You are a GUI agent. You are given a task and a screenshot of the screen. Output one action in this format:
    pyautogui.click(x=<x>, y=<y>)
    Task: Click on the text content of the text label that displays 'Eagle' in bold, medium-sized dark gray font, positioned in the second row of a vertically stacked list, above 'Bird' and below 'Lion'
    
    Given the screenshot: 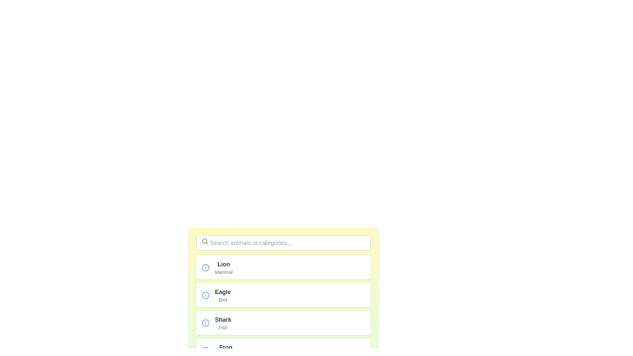 What is the action you would take?
    pyautogui.click(x=223, y=292)
    